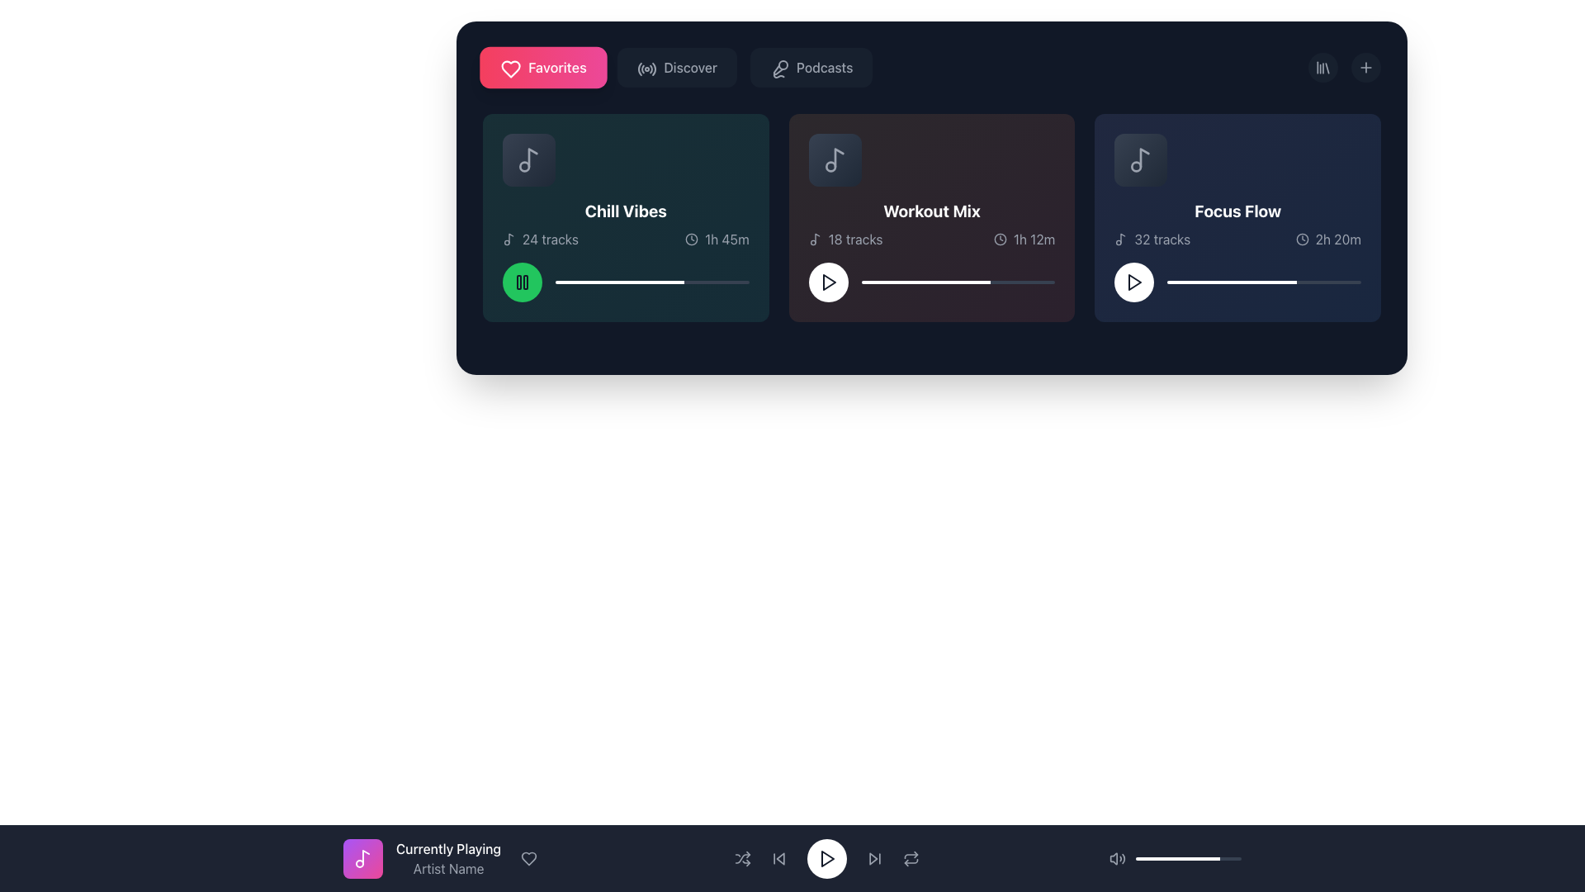 Image resolution: width=1585 pixels, height=892 pixels. Describe the element at coordinates (1133, 282) in the screenshot. I see `the triangular play icon button located at the bottom-left corner of the 'Focus Flow' card` at that location.